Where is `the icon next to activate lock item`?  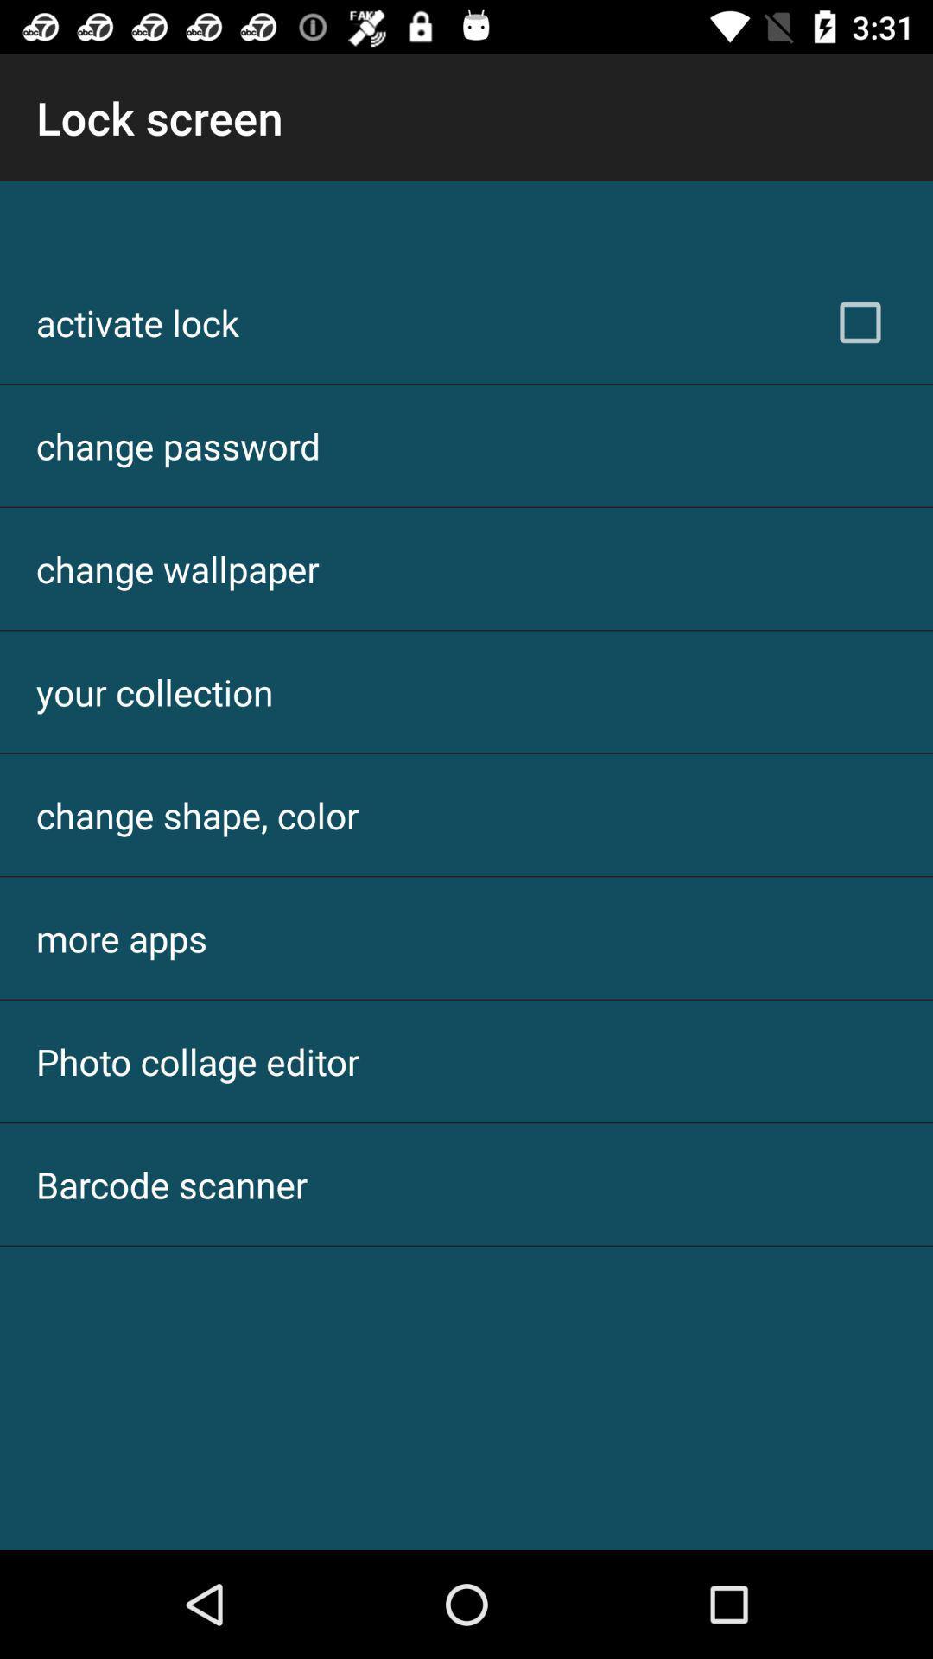
the icon next to activate lock item is located at coordinates (860, 322).